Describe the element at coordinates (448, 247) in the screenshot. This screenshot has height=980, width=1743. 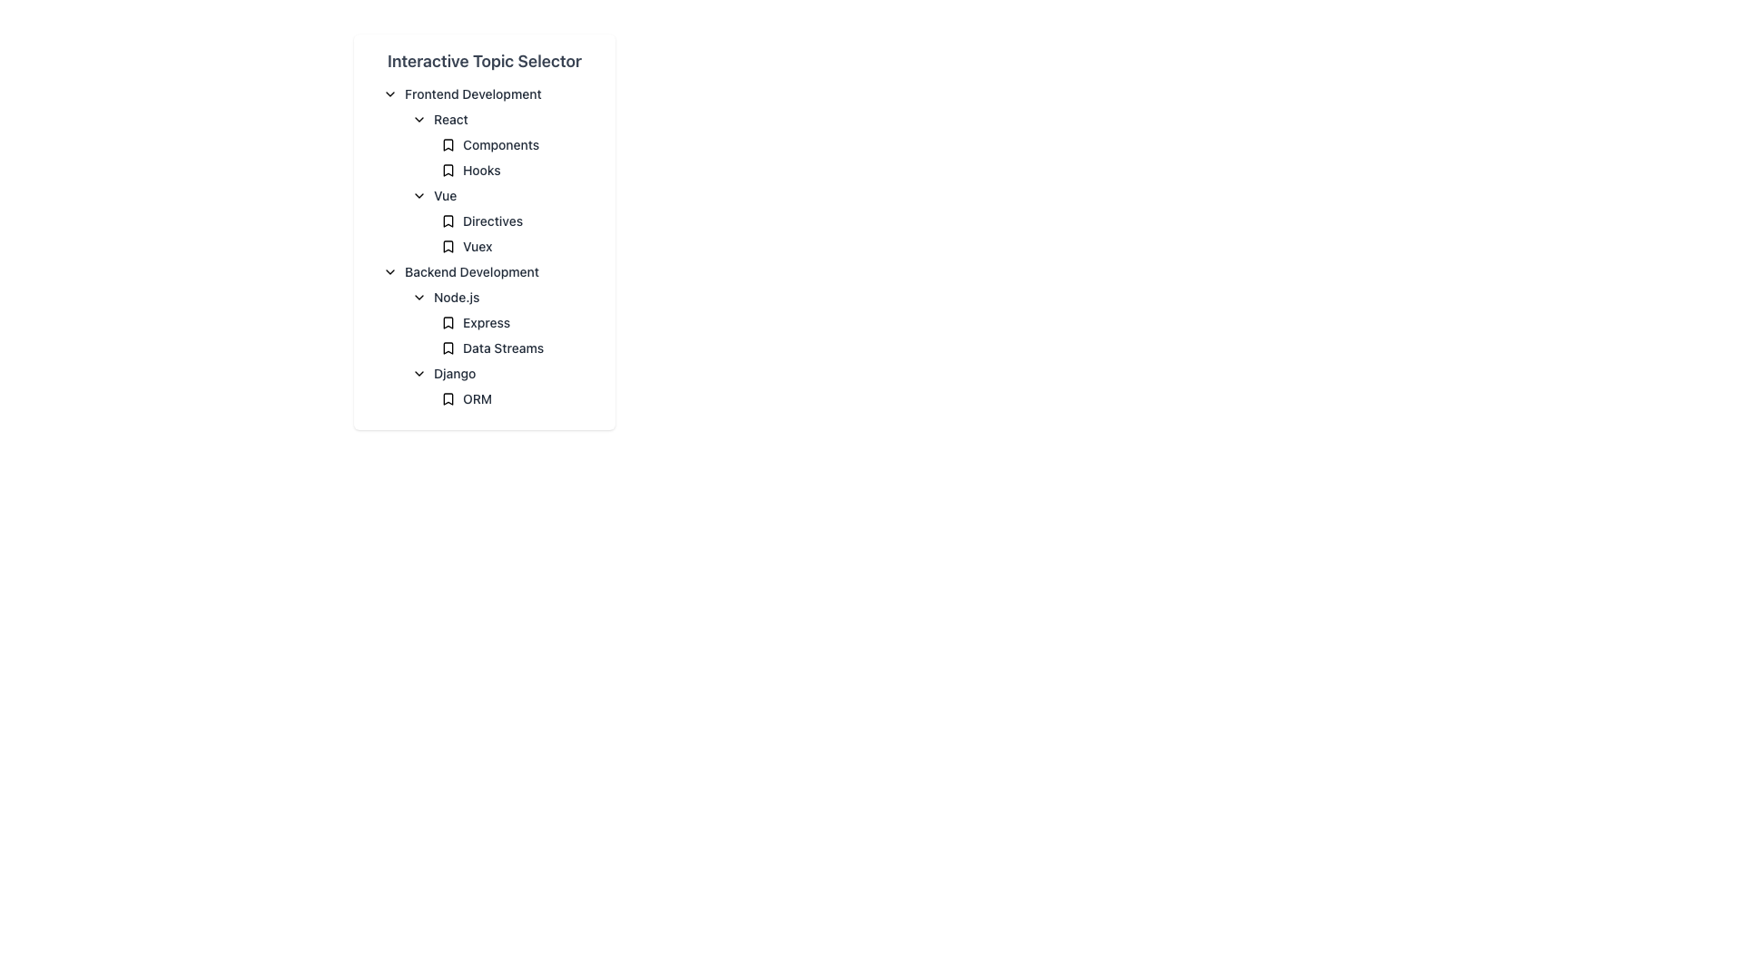
I see `the bookmark icon located next to the 'Vuex' item in the Vue section of the interactive topic selector` at that location.